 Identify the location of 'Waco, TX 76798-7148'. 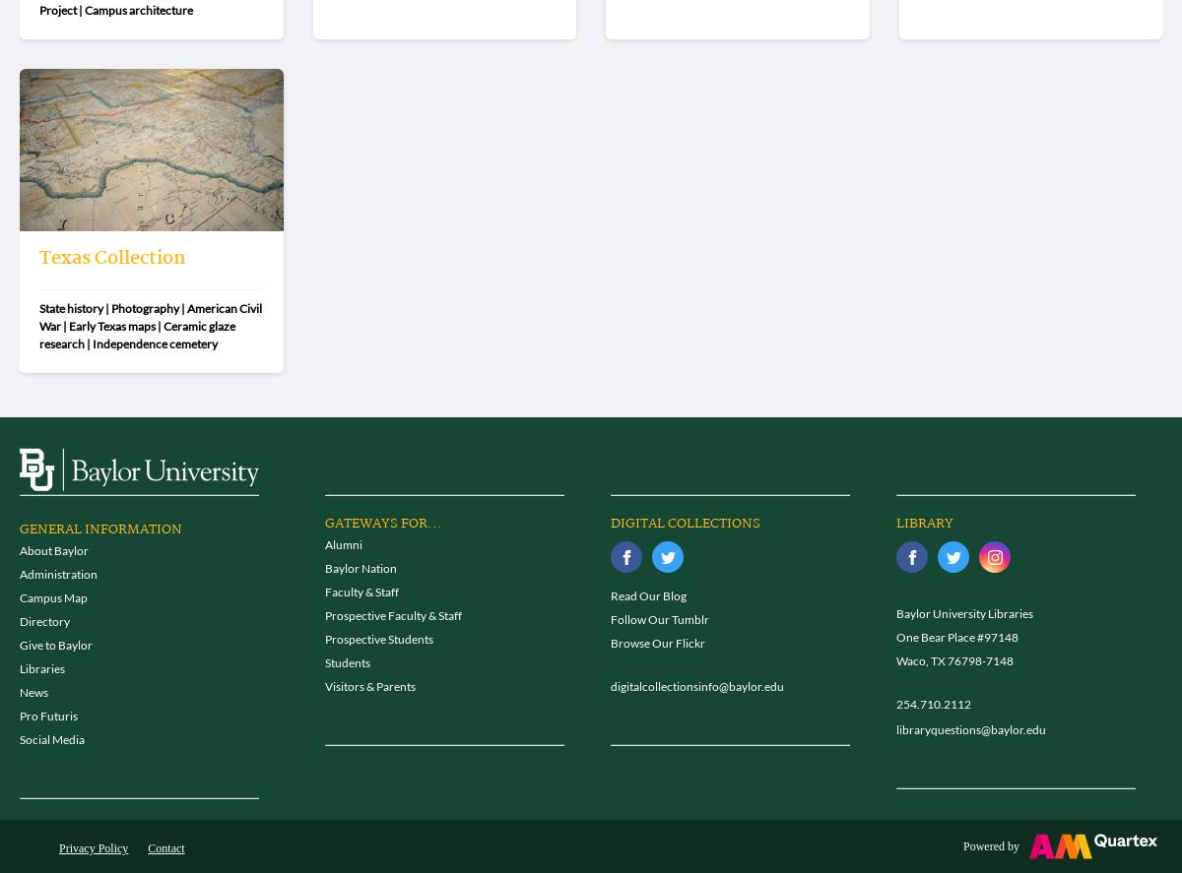
(954, 659).